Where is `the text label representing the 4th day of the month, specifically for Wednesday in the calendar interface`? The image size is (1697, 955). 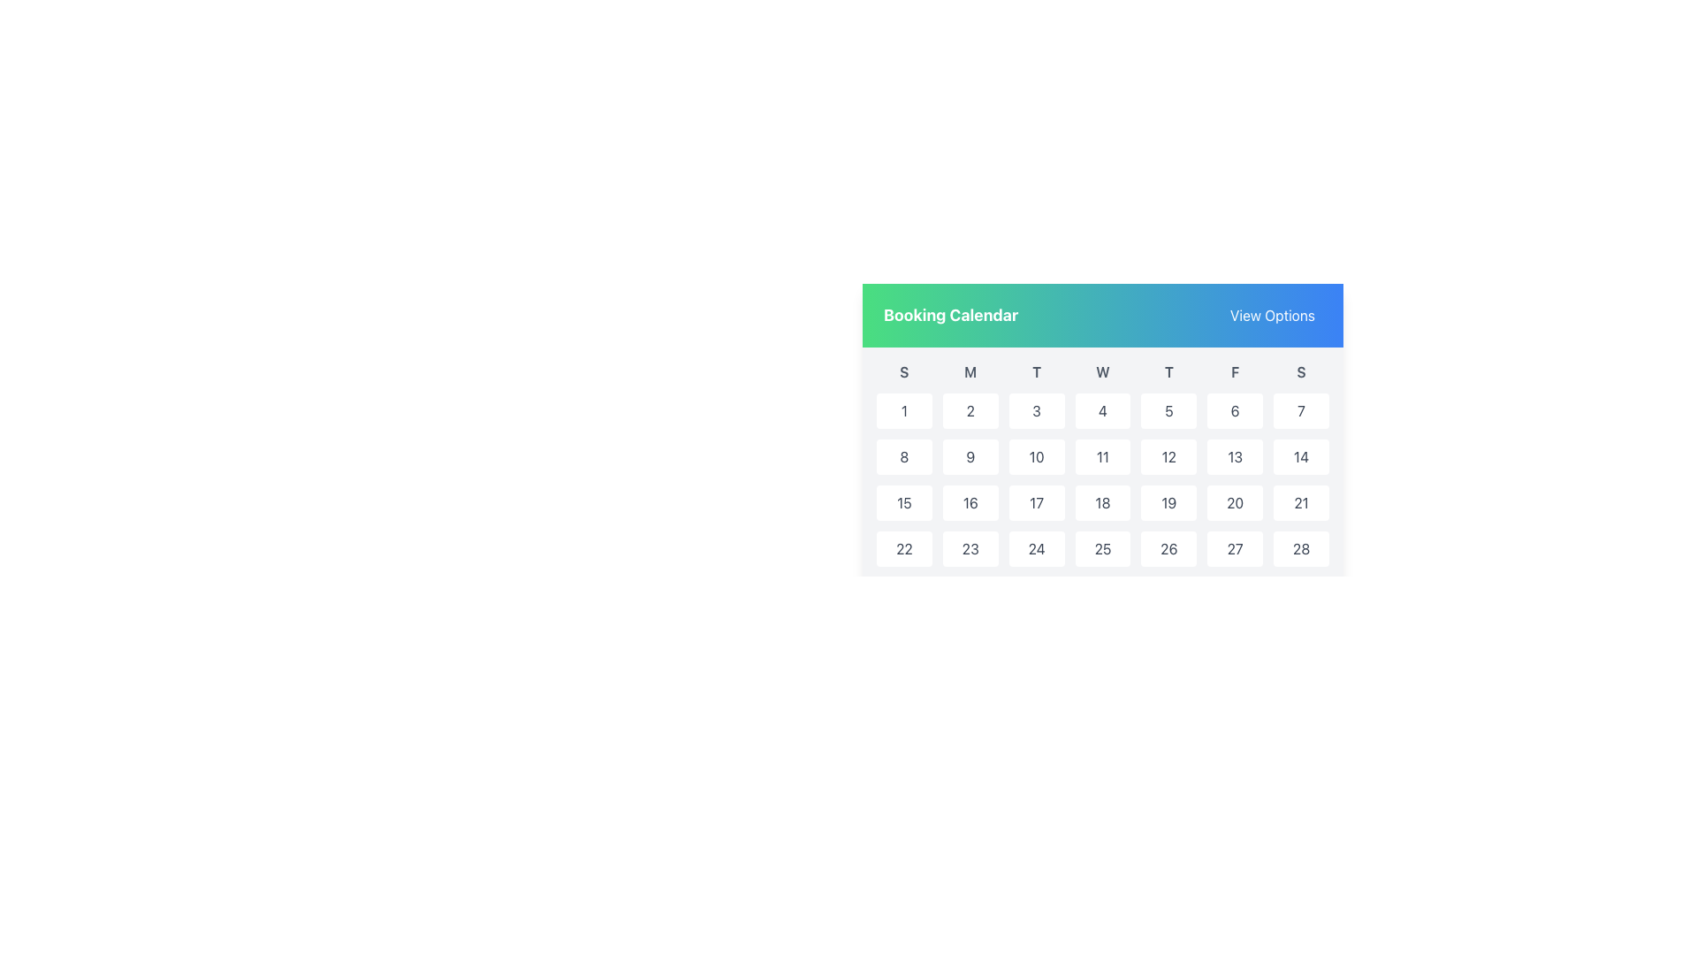 the text label representing the 4th day of the month, specifically for Wednesday in the calendar interface is located at coordinates (1102, 411).